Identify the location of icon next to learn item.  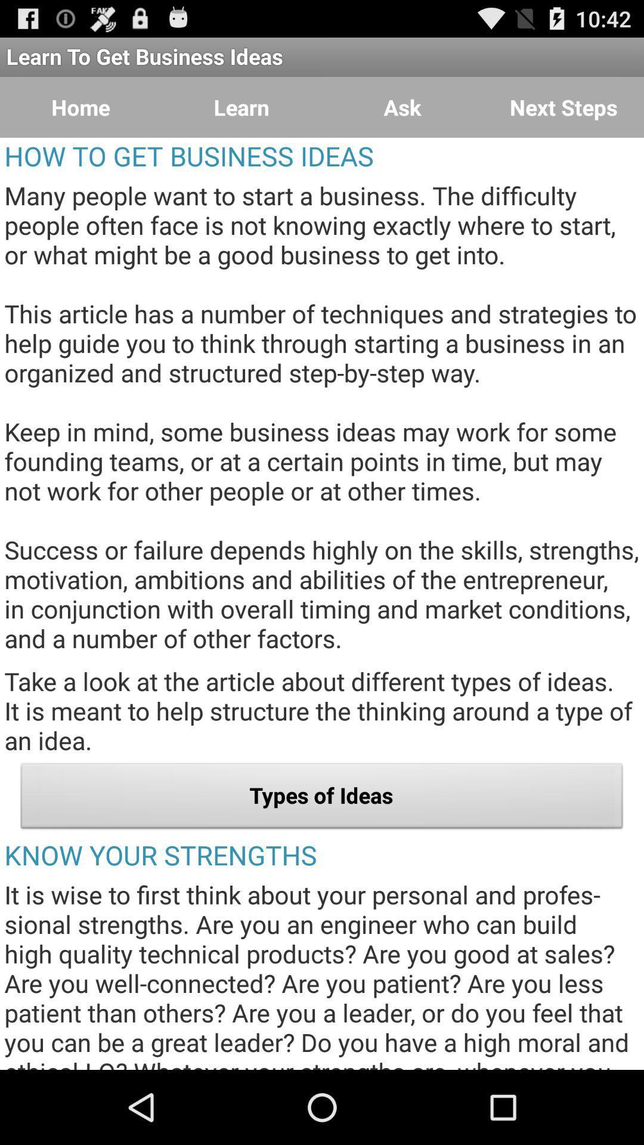
(402, 107).